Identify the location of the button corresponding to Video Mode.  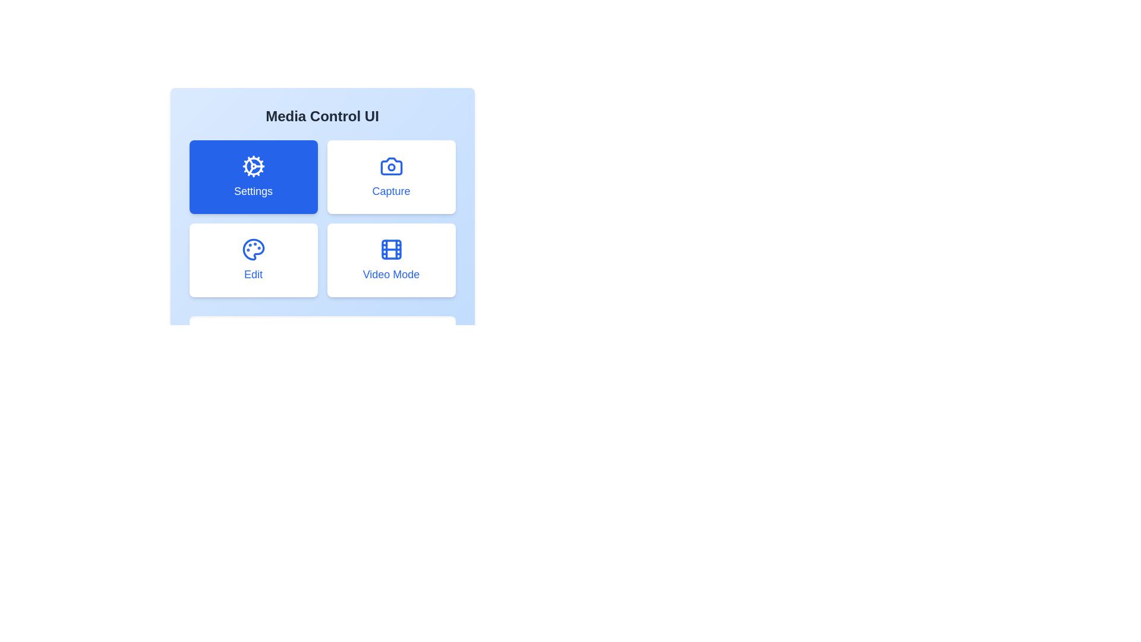
(391, 260).